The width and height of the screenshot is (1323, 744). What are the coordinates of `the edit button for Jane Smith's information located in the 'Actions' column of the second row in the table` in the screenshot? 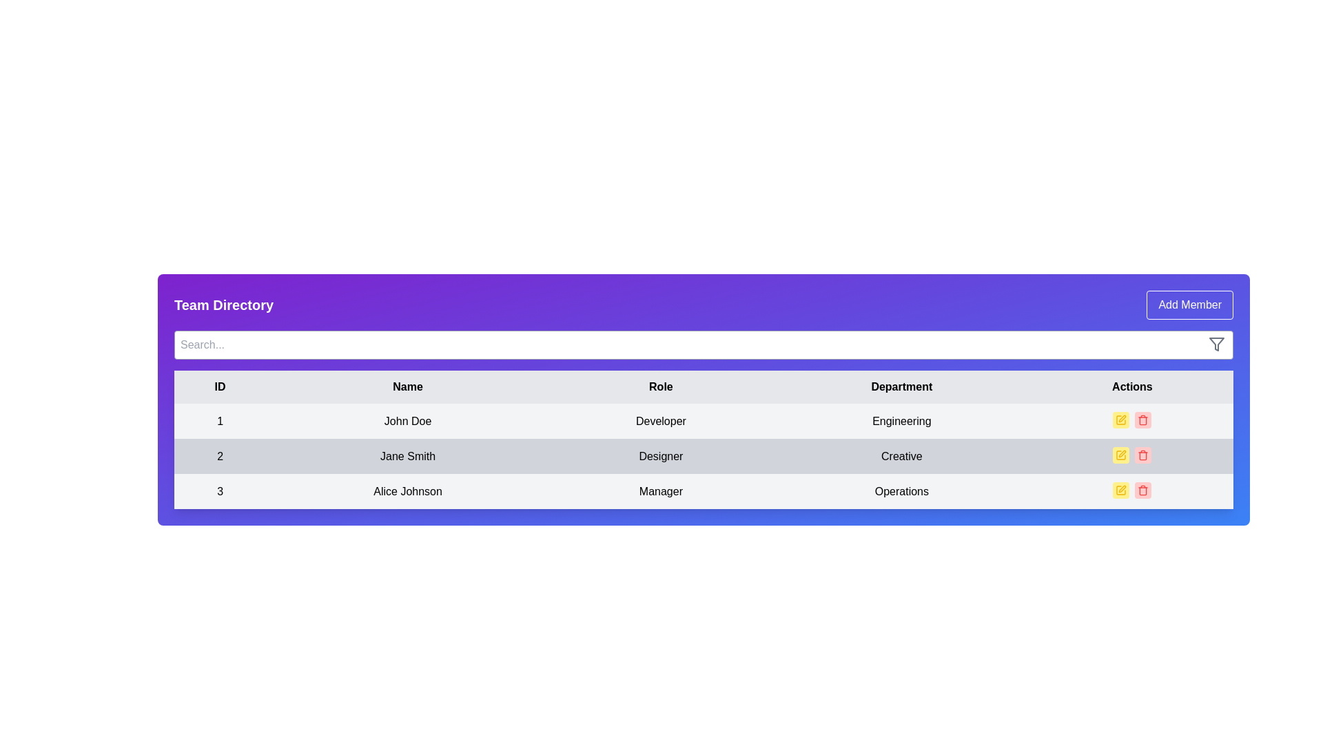 It's located at (1121, 455).